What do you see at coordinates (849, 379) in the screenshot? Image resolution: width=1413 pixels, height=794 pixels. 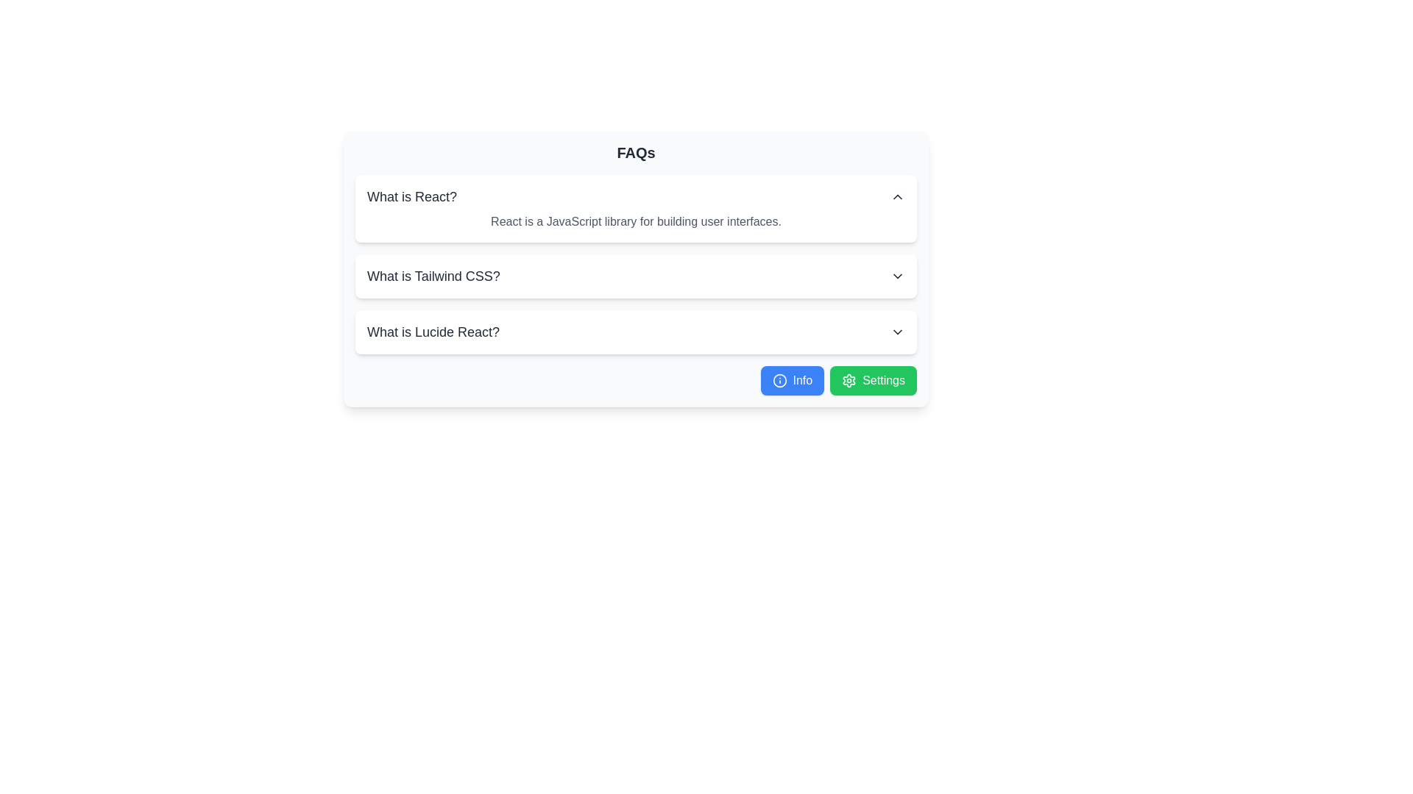 I see `the gear icon located on the left side within the 'Settings' button in the bottom right corner of the FAQ interface` at bounding box center [849, 379].